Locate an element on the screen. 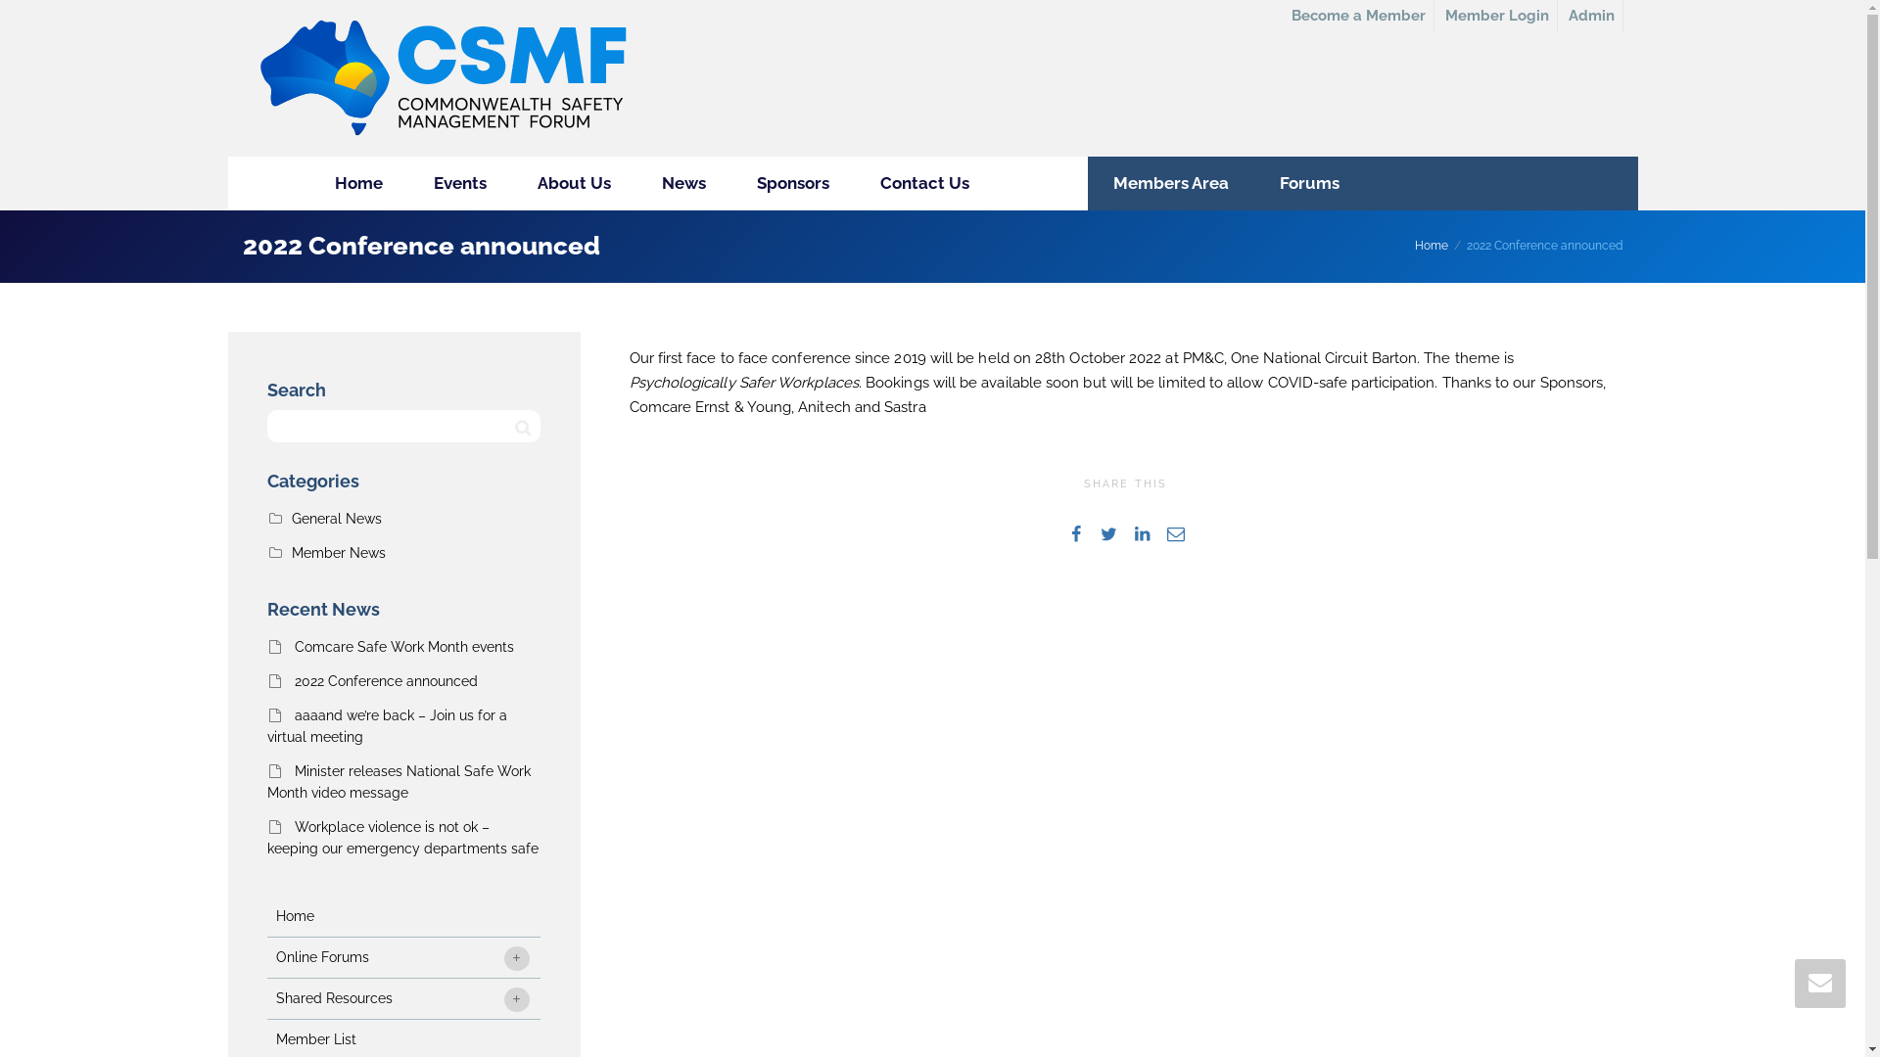 Image resolution: width=1880 pixels, height=1057 pixels. 'Shared Resources' is located at coordinates (401, 998).